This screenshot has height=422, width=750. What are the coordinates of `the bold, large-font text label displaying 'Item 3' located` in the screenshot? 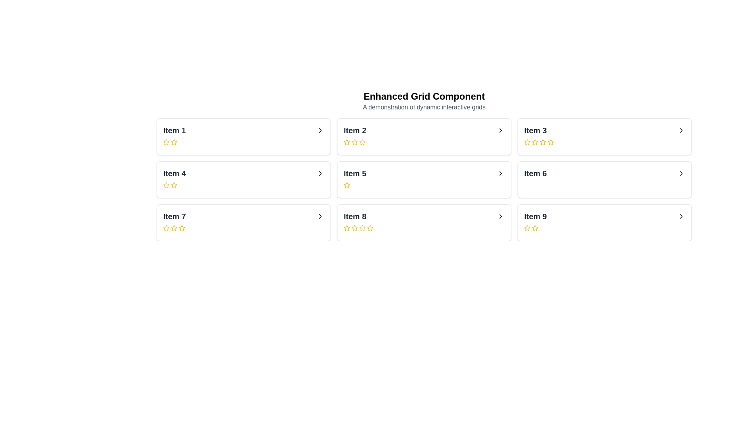 It's located at (535, 130).